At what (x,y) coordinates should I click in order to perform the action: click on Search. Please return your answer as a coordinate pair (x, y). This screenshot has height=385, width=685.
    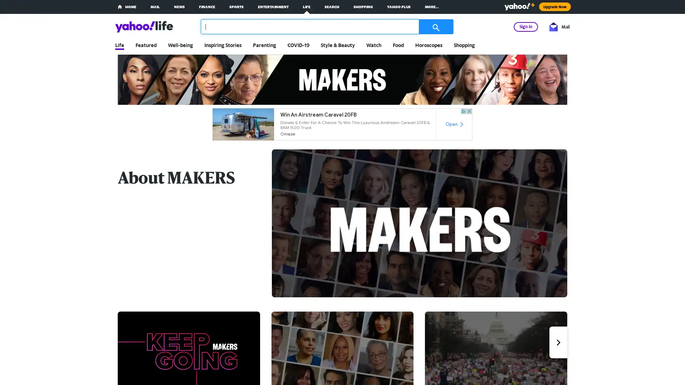
    Looking at the image, I should click on (435, 26).